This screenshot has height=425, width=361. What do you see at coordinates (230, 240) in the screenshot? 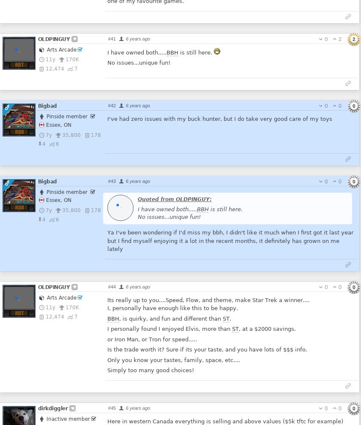
I see `'Ya I've been wondering if I'd miss my bbh, I didn't like it much when I first got it last year but I find myself enjoying it a lot in the recent months, it definitely has grown on me lately'` at bounding box center [230, 240].